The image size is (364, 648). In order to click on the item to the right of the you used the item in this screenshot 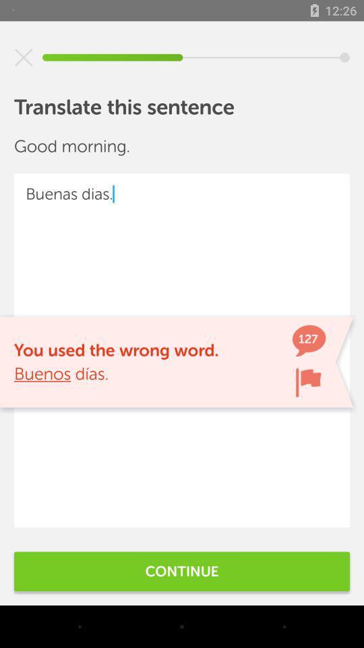, I will do `click(308, 382)`.